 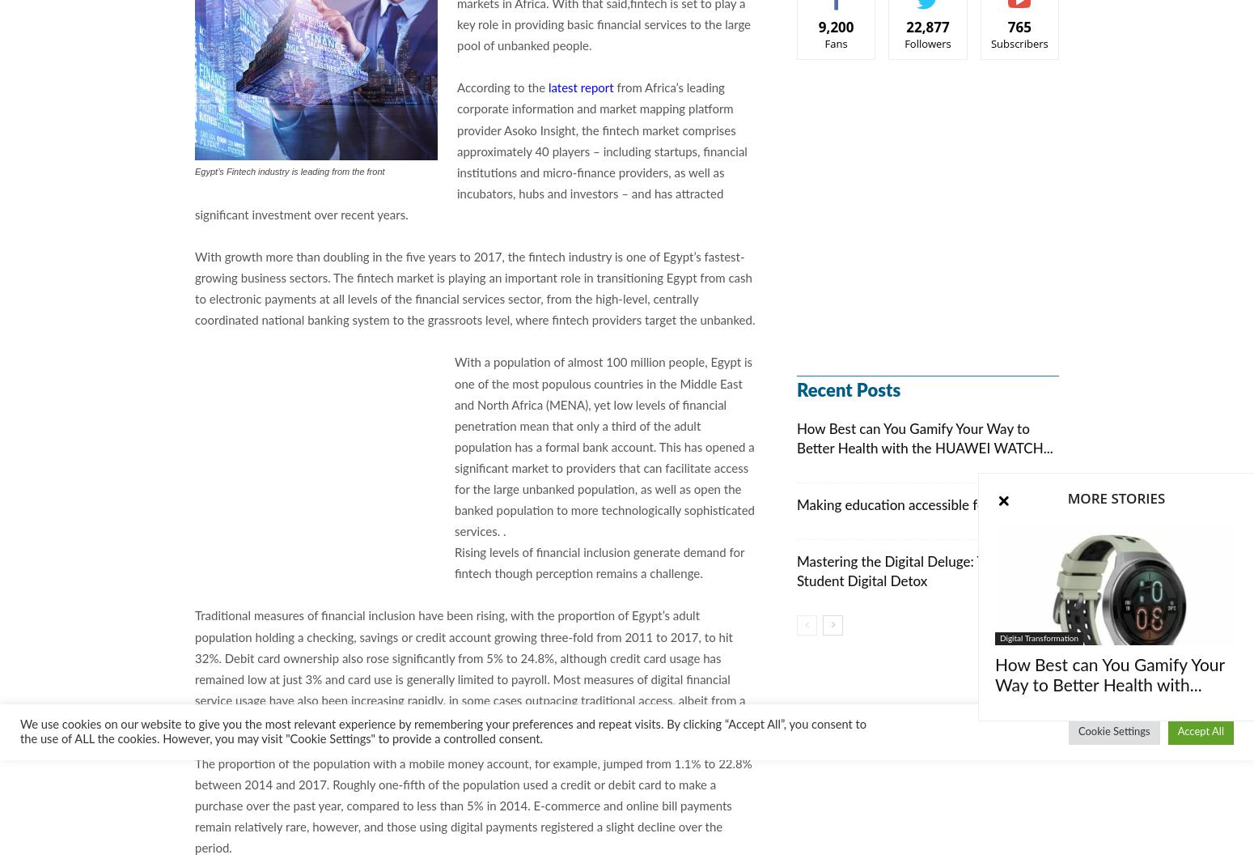 I want to click on 'Recent Posts', so click(x=849, y=390).